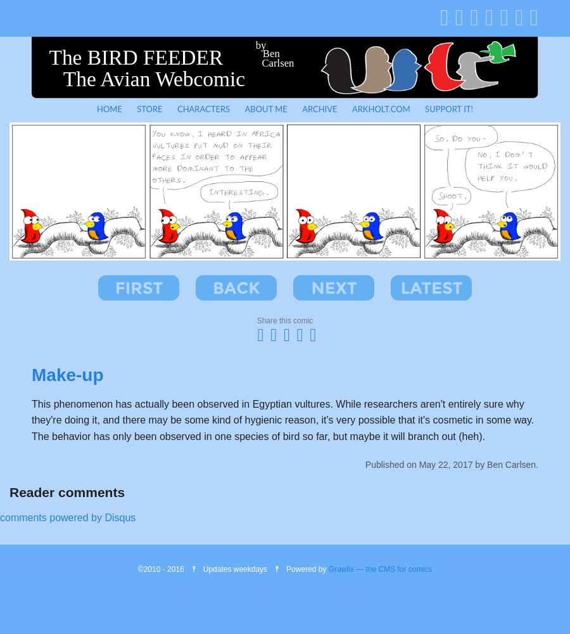 Image resolution: width=570 pixels, height=634 pixels. What do you see at coordinates (66, 491) in the screenshot?
I see `'Reader comments'` at bounding box center [66, 491].